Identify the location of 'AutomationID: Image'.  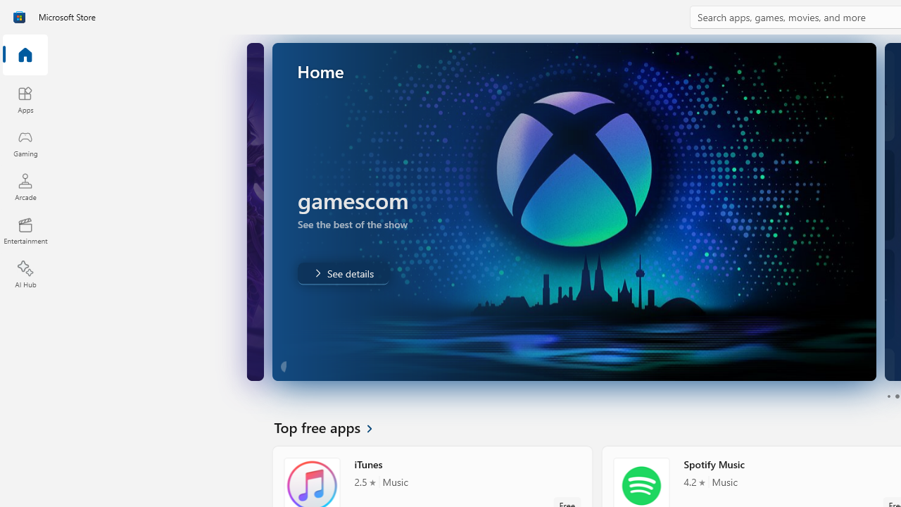
(574, 211).